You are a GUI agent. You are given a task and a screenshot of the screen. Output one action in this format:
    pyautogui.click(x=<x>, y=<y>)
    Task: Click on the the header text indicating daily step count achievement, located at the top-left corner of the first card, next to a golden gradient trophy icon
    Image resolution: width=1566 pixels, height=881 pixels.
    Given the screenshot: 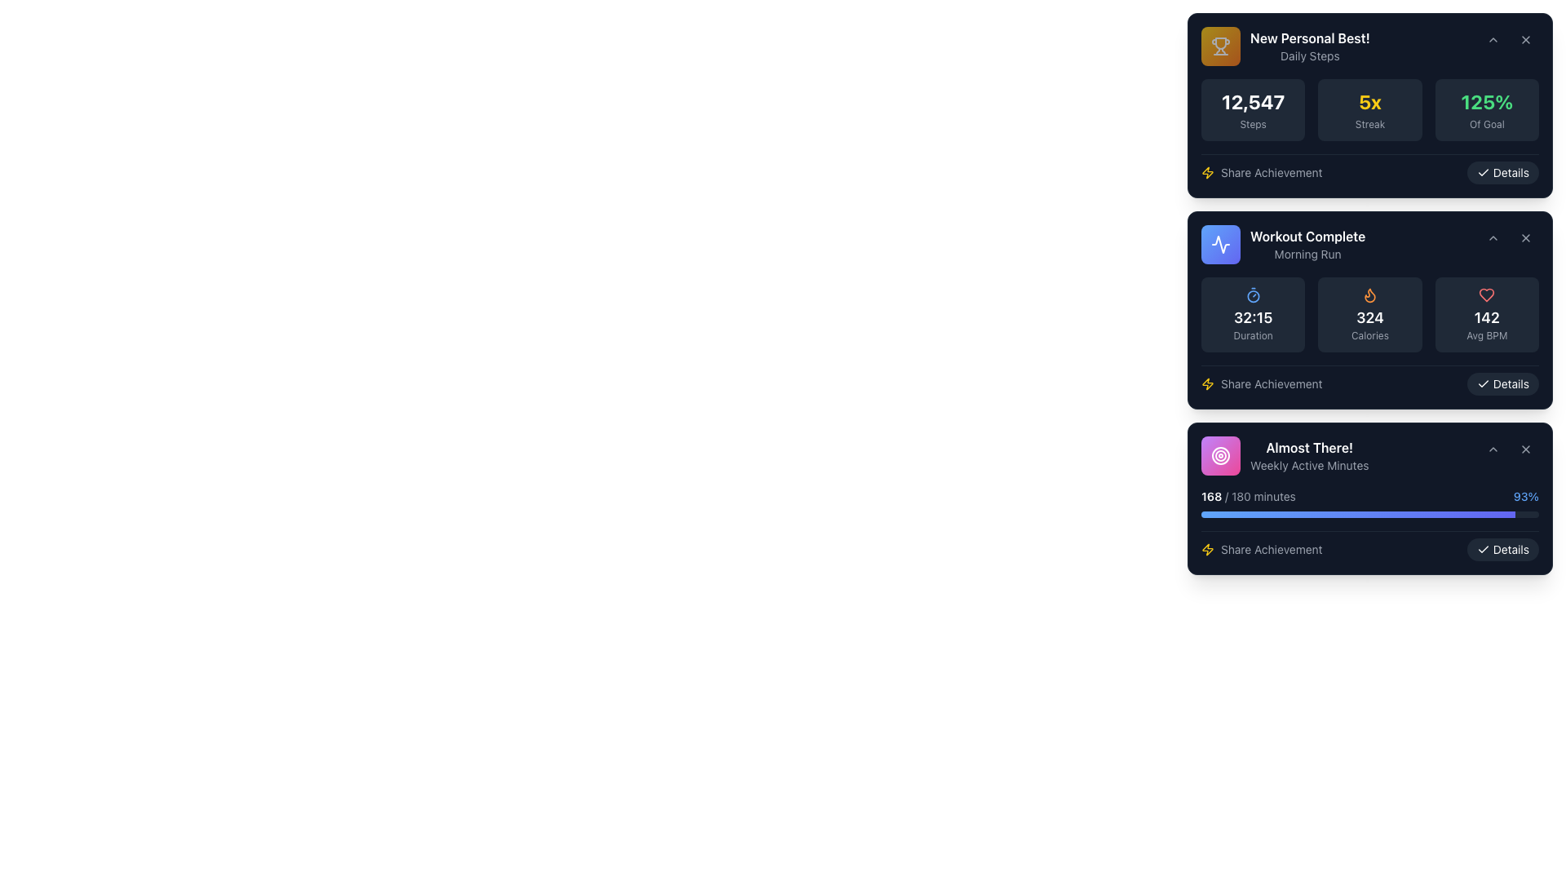 What is the action you would take?
    pyautogui.click(x=1310, y=46)
    